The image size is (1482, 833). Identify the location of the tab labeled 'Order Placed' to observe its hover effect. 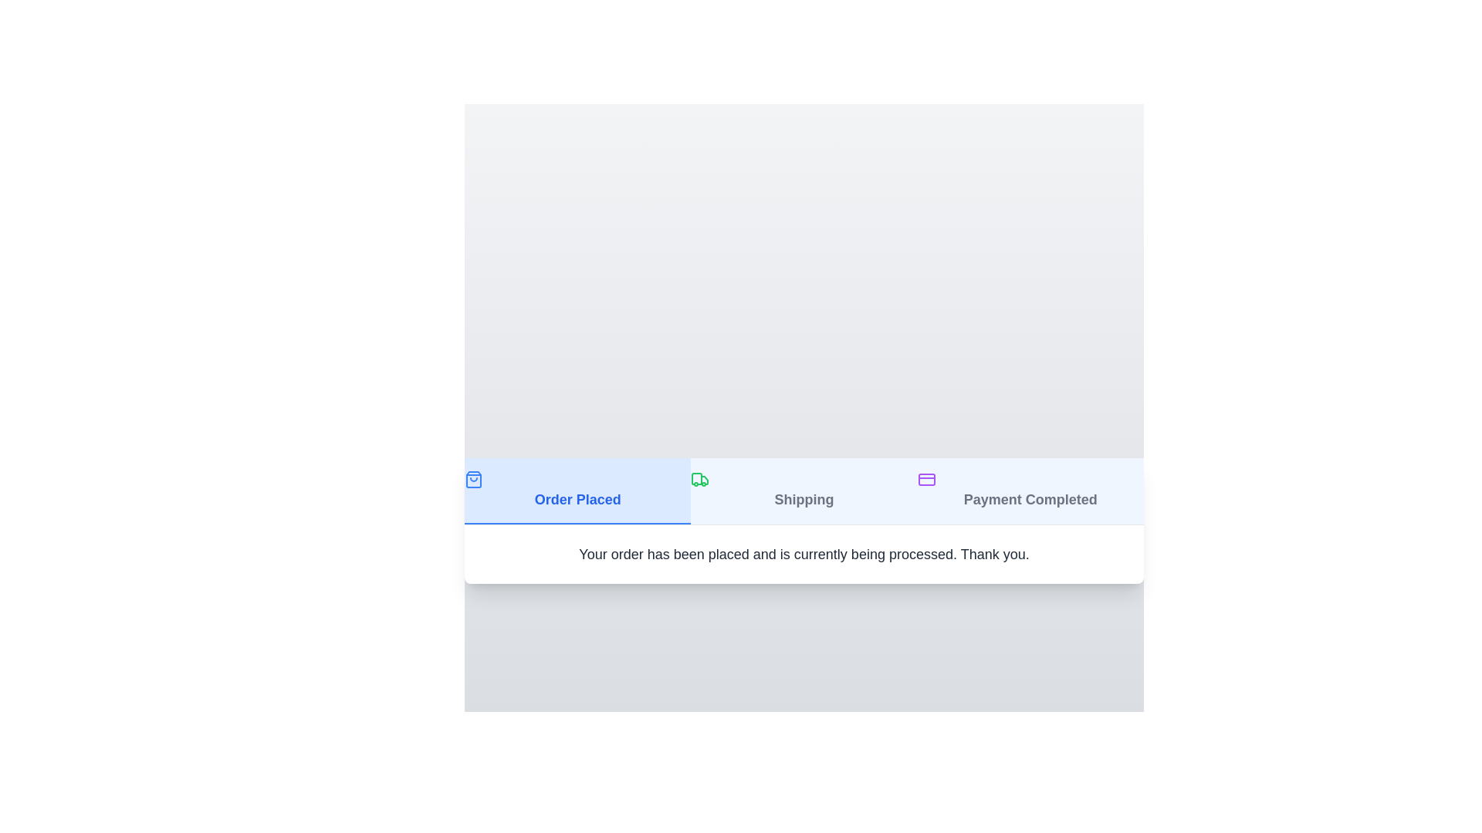
(577, 491).